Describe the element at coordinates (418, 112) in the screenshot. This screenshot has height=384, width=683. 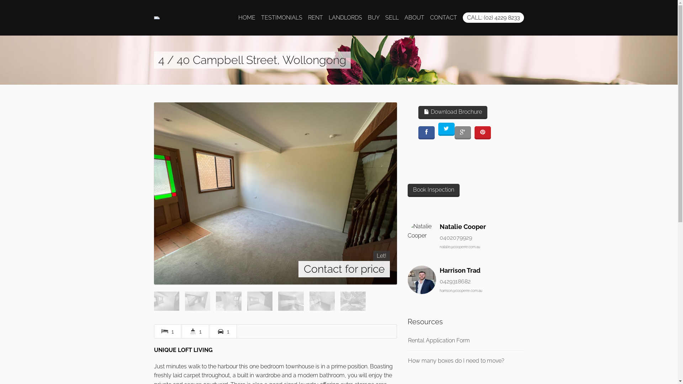
I see `'Download Brochure'` at that location.